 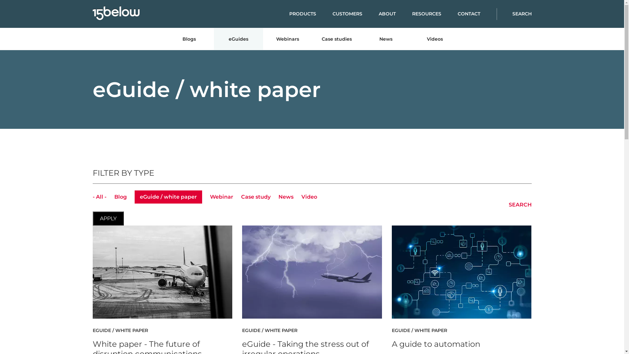 What do you see at coordinates (497, 14) in the screenshot?
I see `'SEARCH'` at bounding box center [497, 14].